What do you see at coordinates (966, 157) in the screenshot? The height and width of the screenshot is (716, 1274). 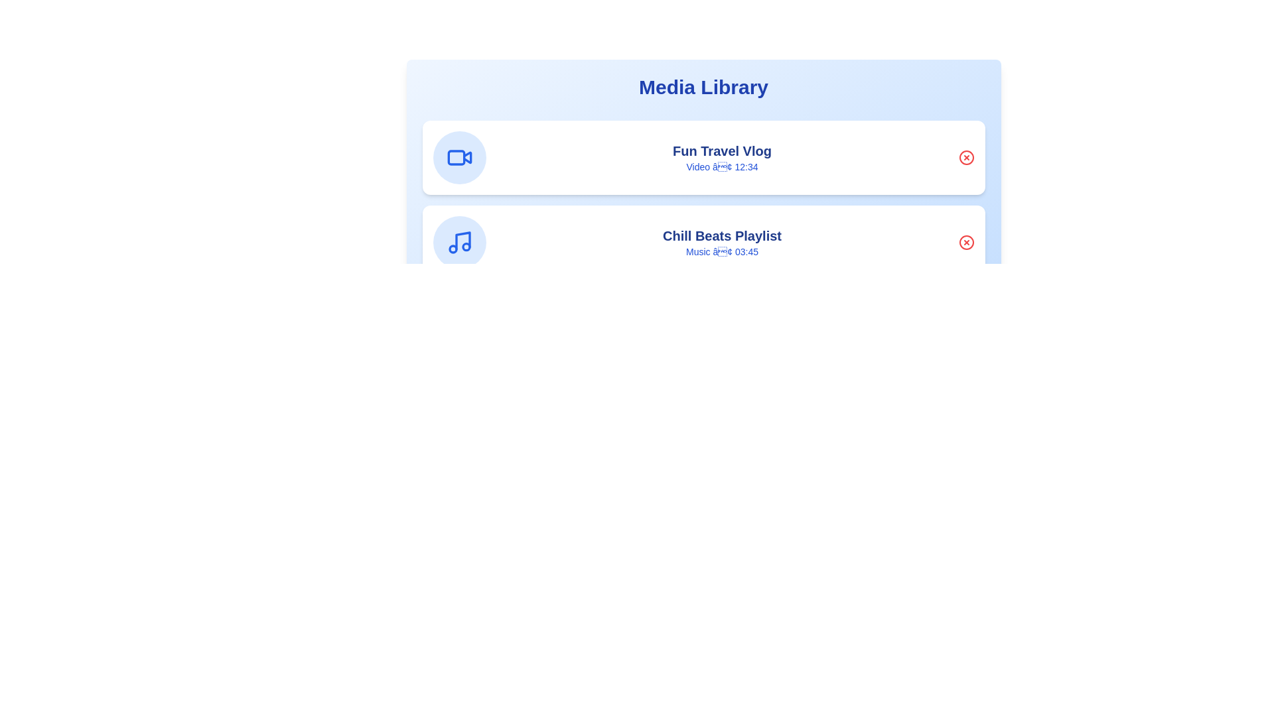 I see `the delete button for the media item titled 'Fun Travel Vlog'` at bounding box center [966, 157].